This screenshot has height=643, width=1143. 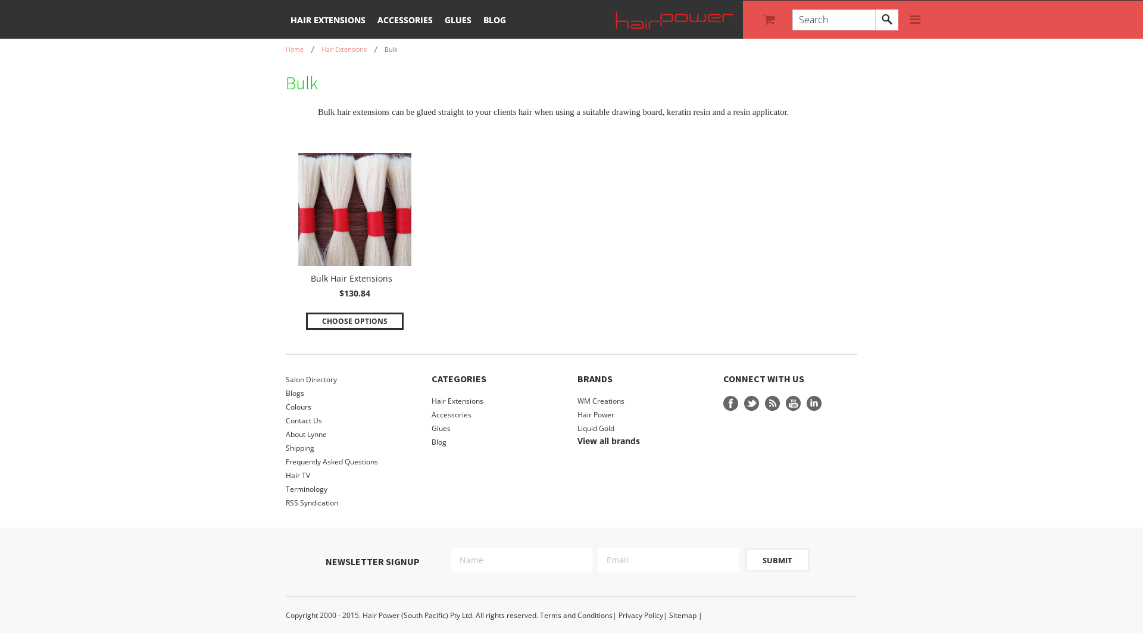 I want to click on 'HAIR EXTENSIONS', so click(x=328, y=19).